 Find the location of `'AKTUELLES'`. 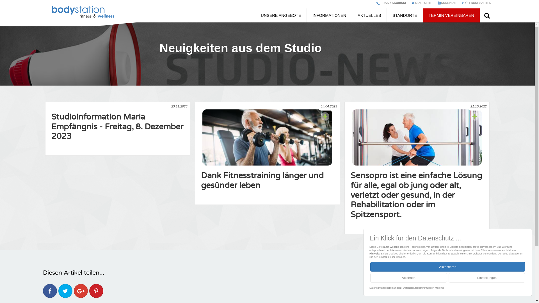

'AKTUELLES' is located at coordinates (369, 15).